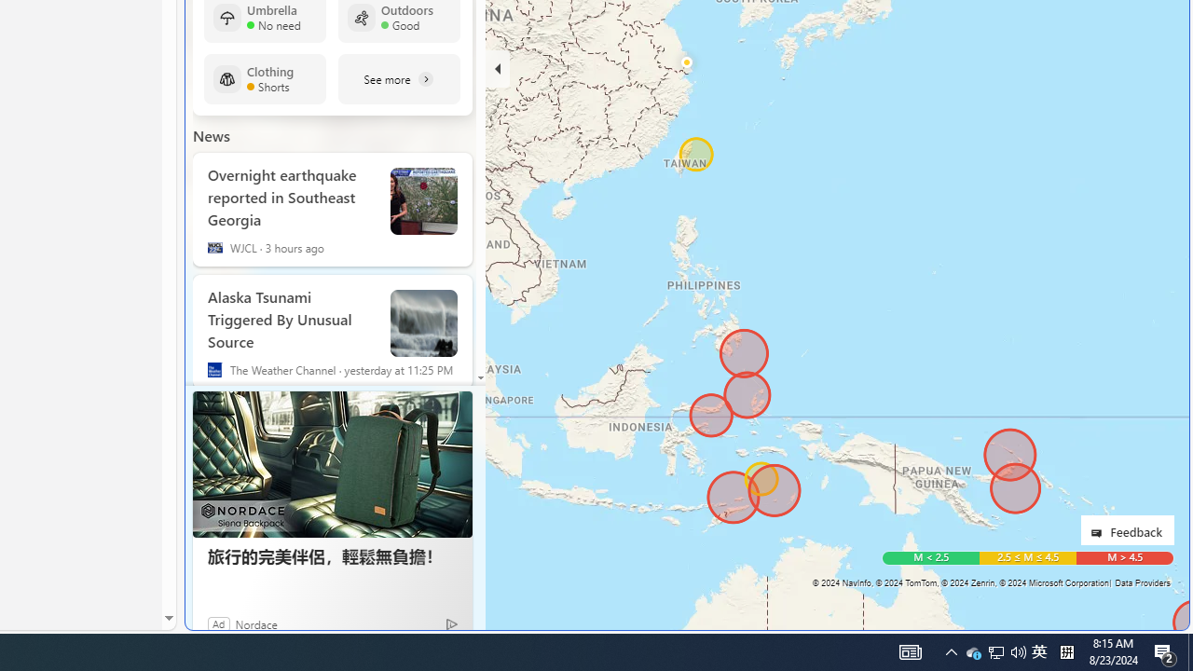  I want to click on 'Ad Choice', so click(452, 623).